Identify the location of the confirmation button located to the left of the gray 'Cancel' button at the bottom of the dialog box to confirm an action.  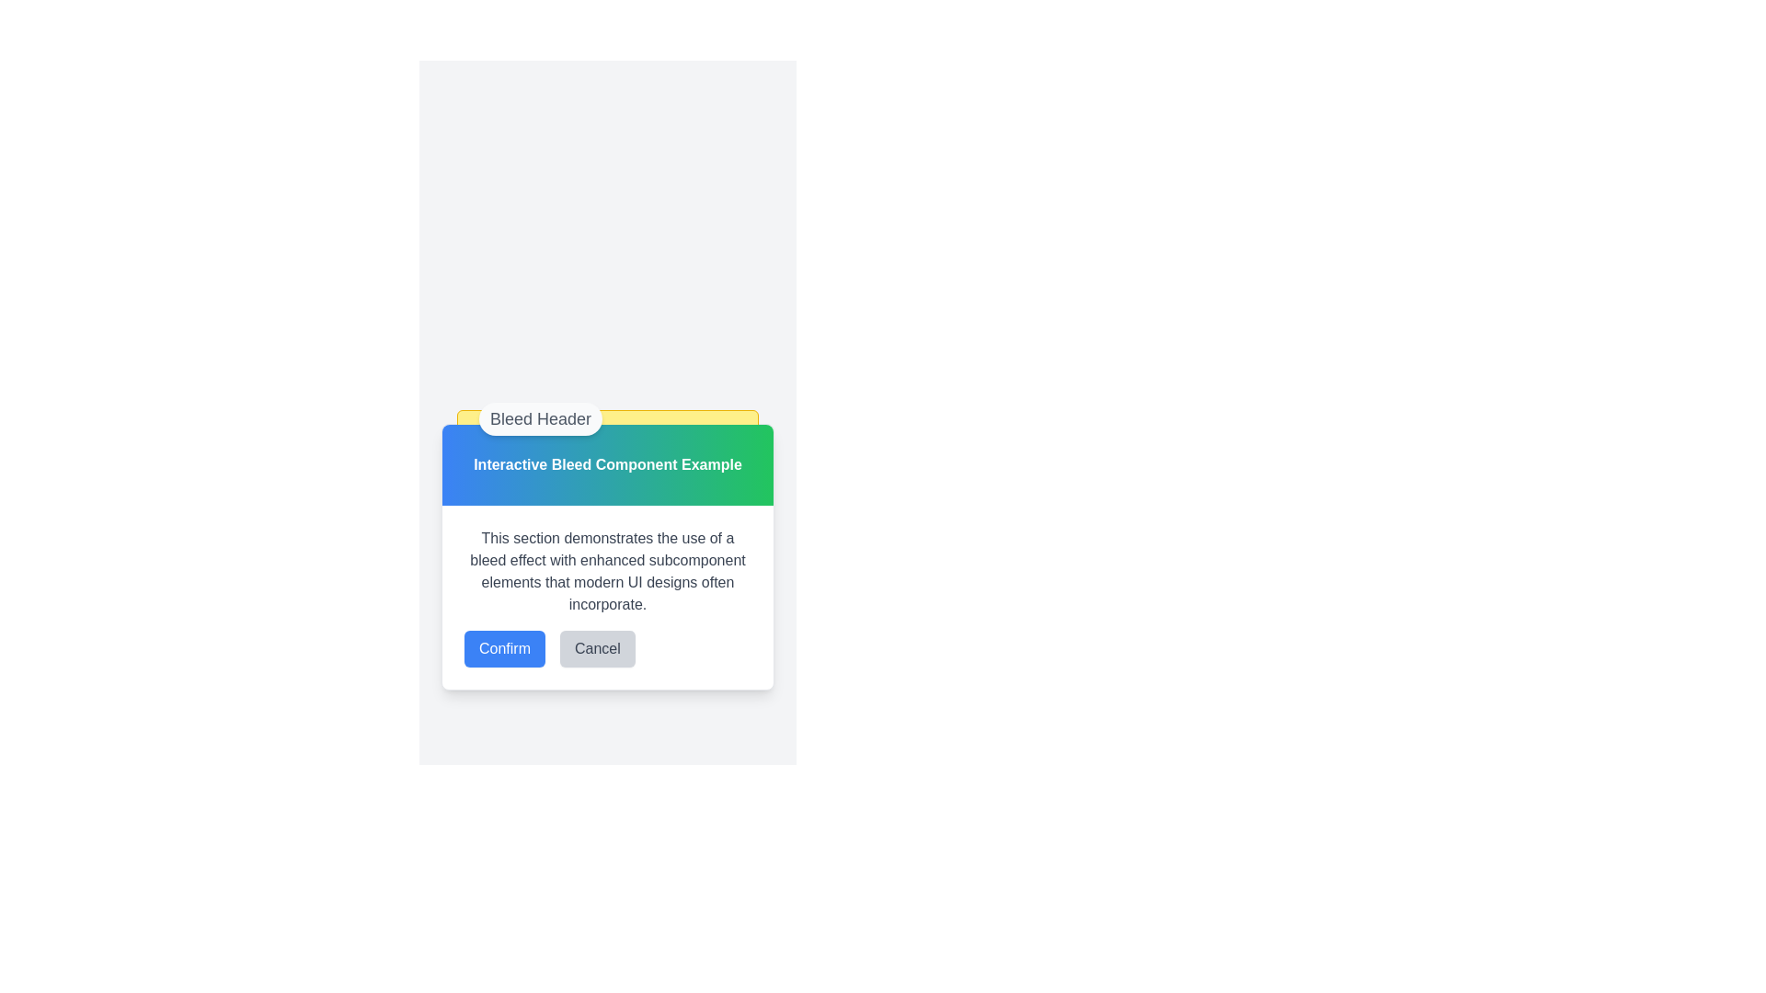
(504, 647).